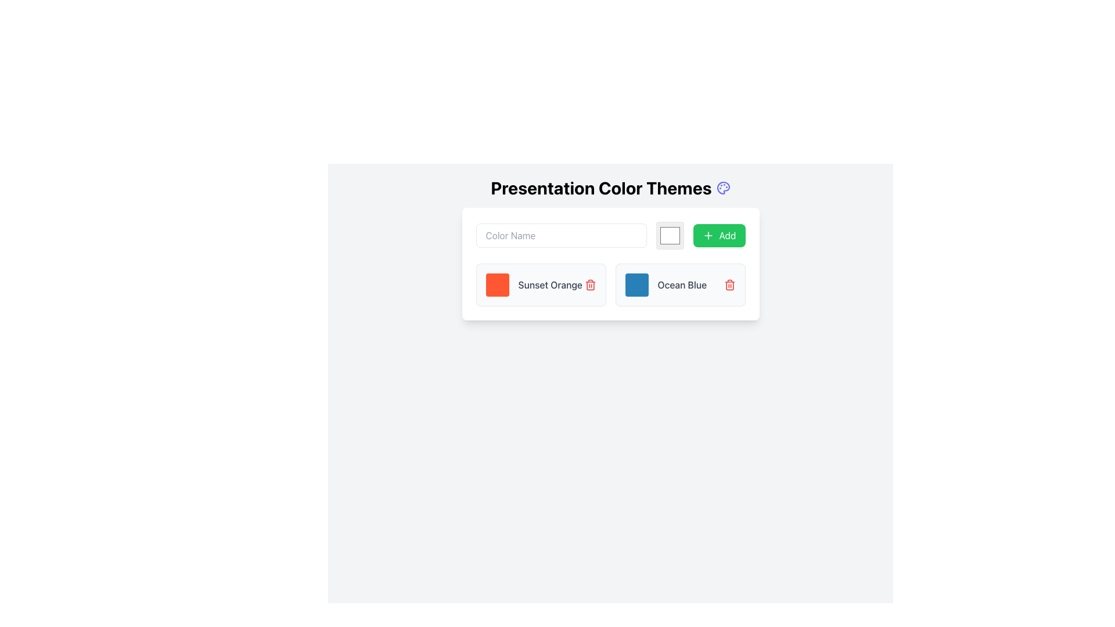 The height and width of the screenshot is (627, 1115). I want to click on the '+' icon within the green 'Add' button located in the upper-right section of the 'Presentation Color Themes' panel, so click(708, 235).